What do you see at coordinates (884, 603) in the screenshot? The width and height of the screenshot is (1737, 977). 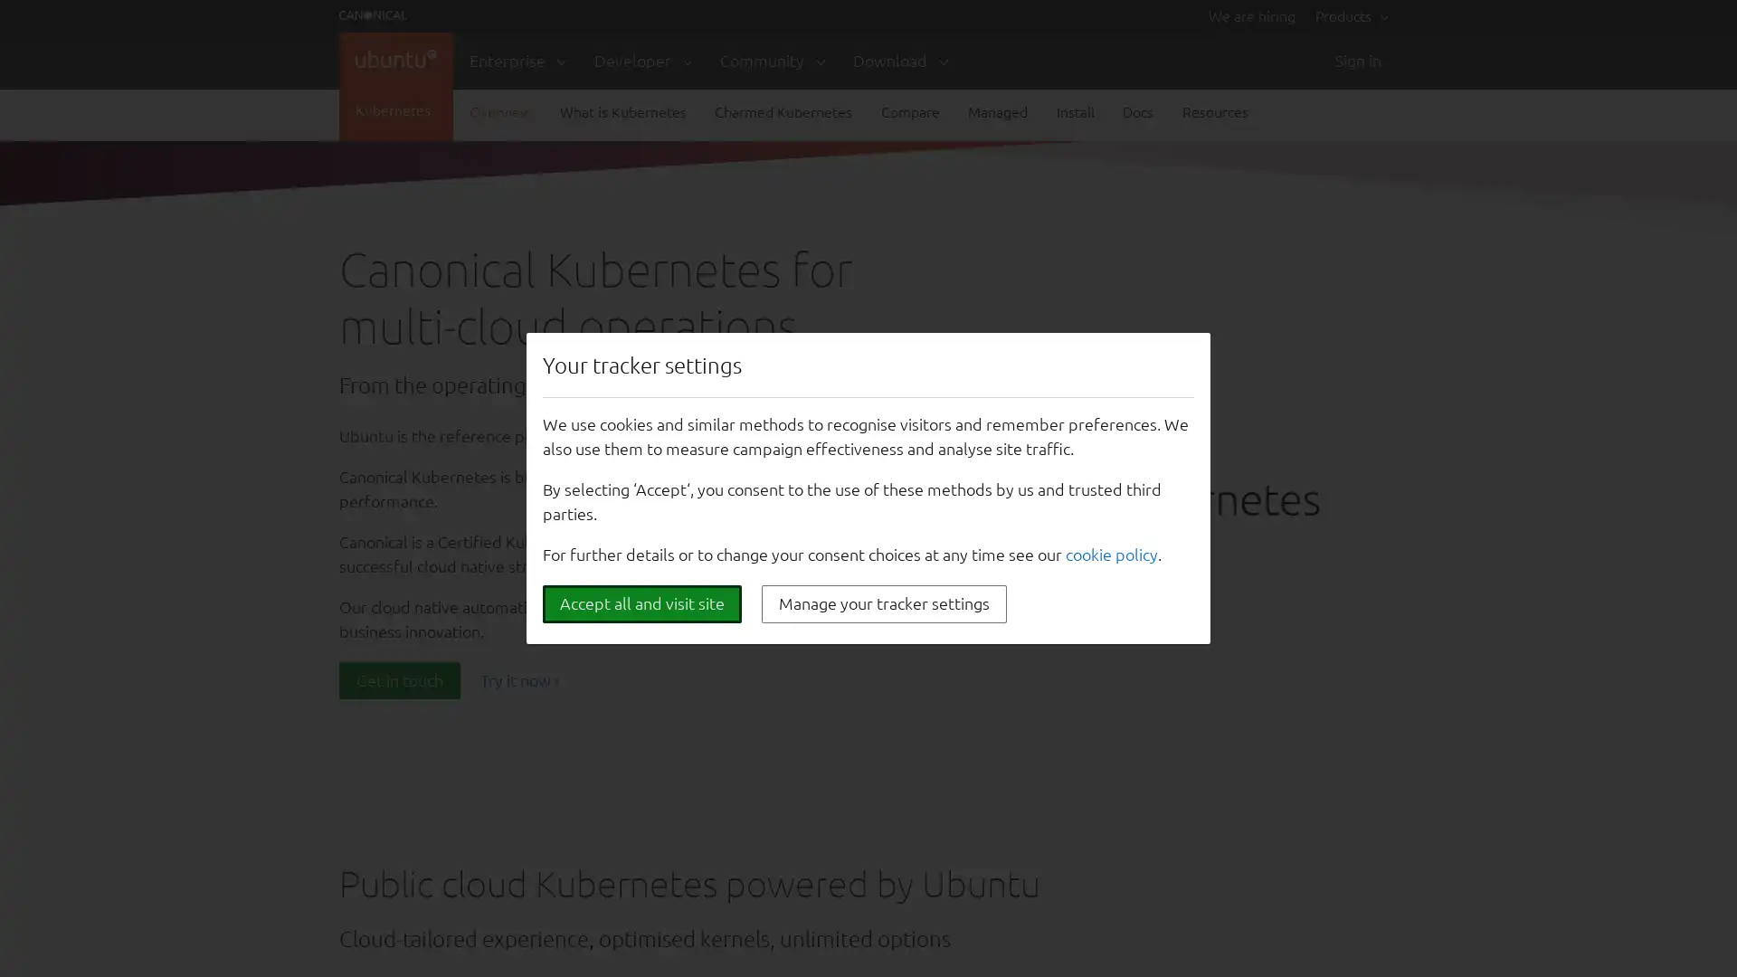 I see `Manage your tracker settings` at bounding box center [884, 603].